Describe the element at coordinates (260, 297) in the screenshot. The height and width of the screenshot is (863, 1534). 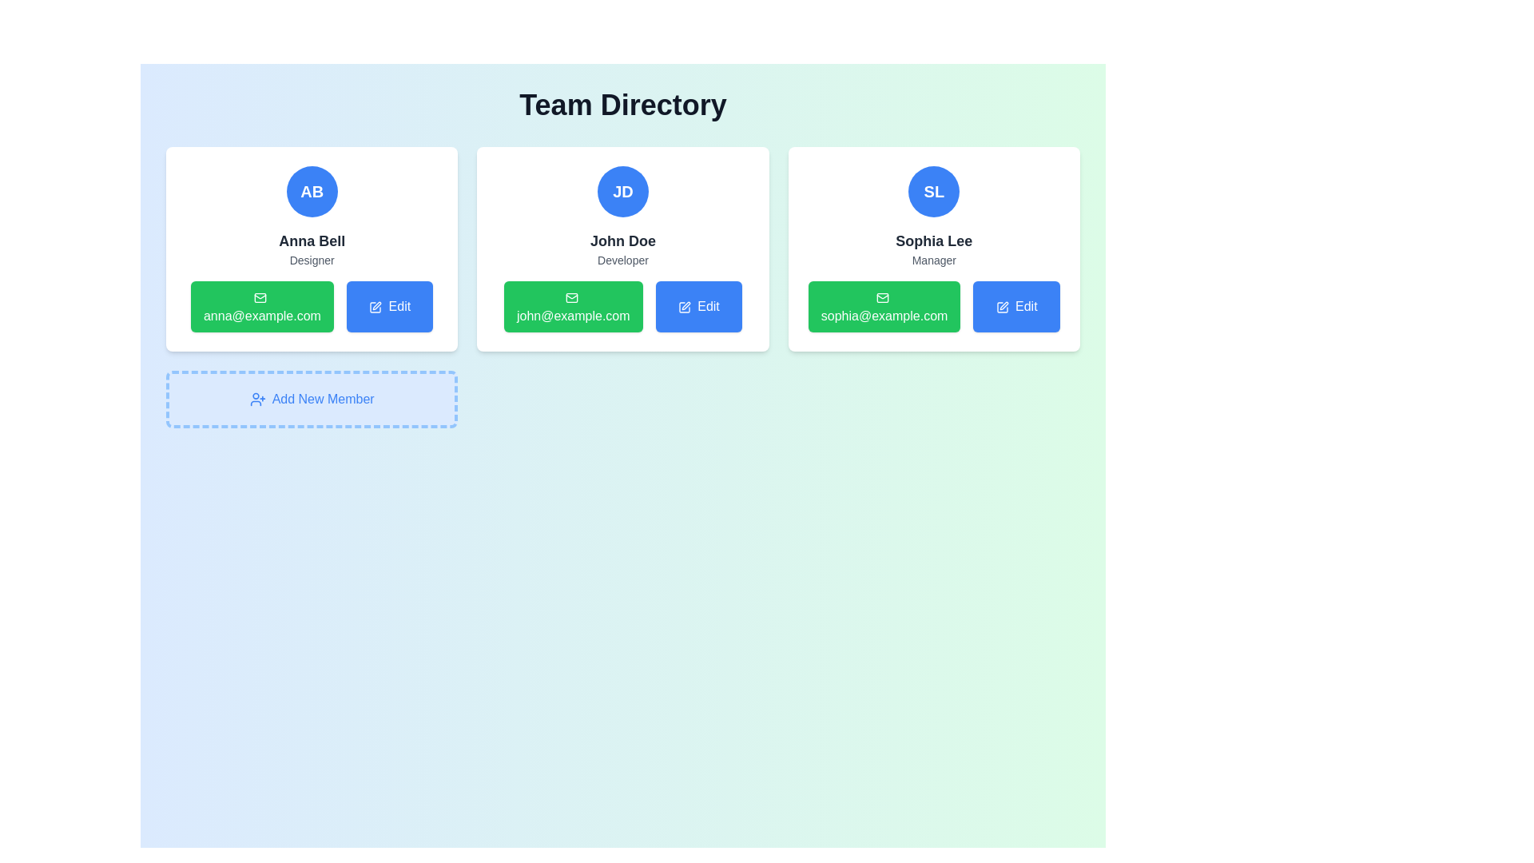
I see `the small rectangle with rounded corners in the envelope icon located in the green button under the 'Anna Bell' user card in the 'Team Directory' interface` at that location.